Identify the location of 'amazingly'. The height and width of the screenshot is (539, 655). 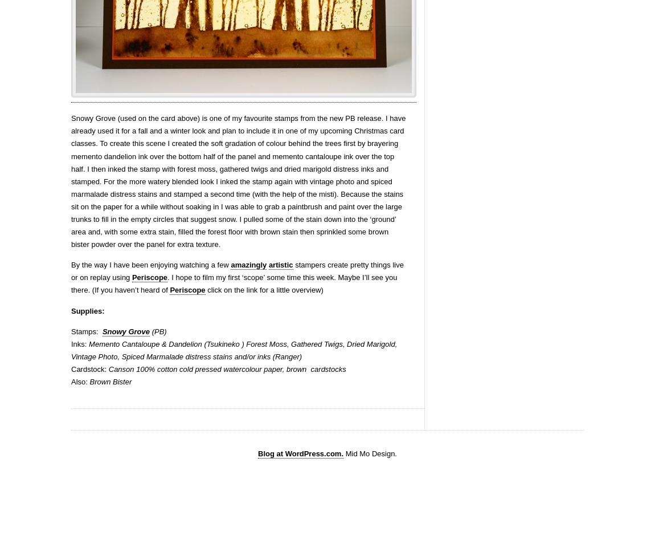
(248, 265).